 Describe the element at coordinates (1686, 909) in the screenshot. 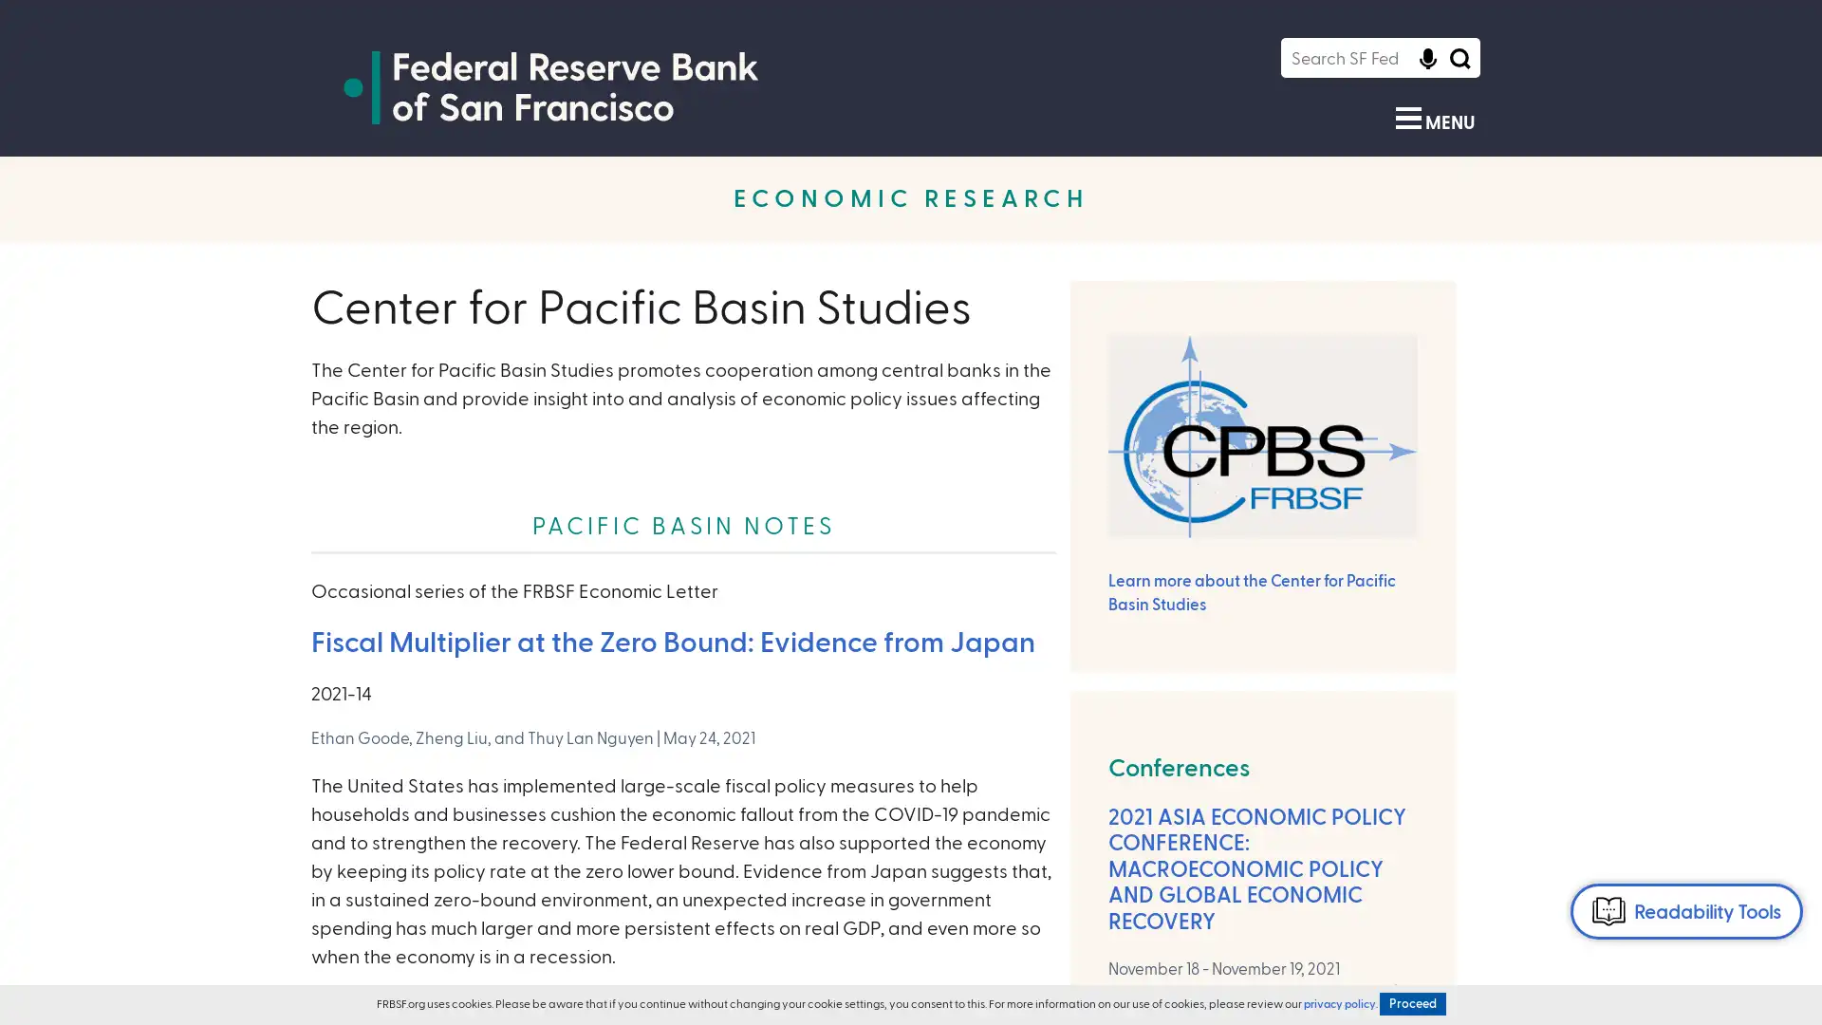

I see `Readability Tools` at that location.